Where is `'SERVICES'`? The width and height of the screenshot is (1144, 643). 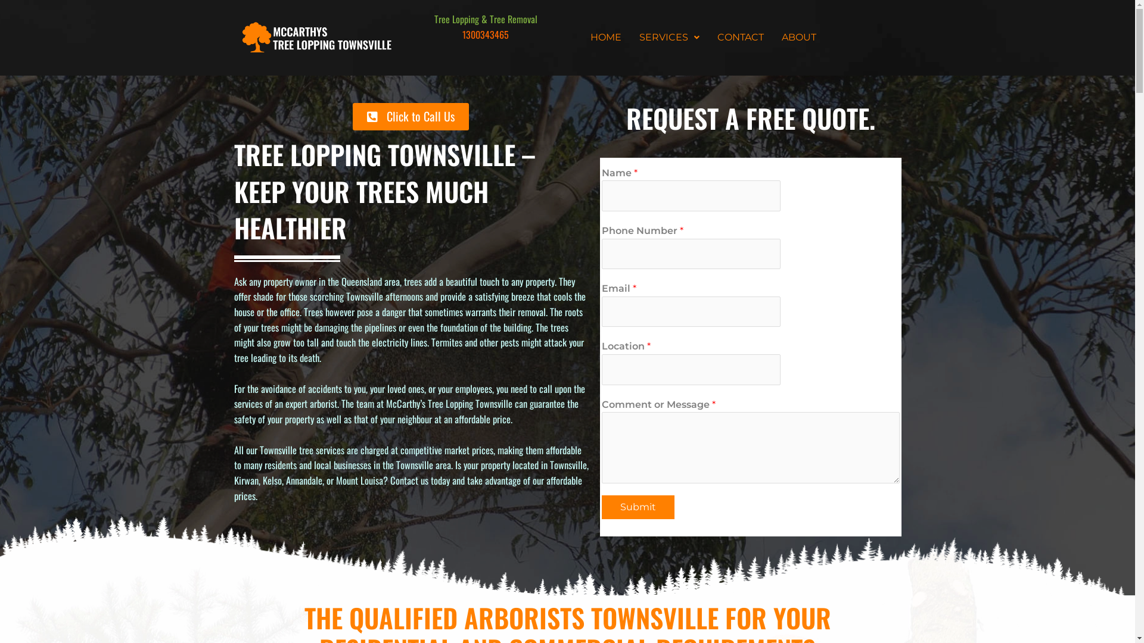
'SERVICES' is located at coordinates (669, 36).